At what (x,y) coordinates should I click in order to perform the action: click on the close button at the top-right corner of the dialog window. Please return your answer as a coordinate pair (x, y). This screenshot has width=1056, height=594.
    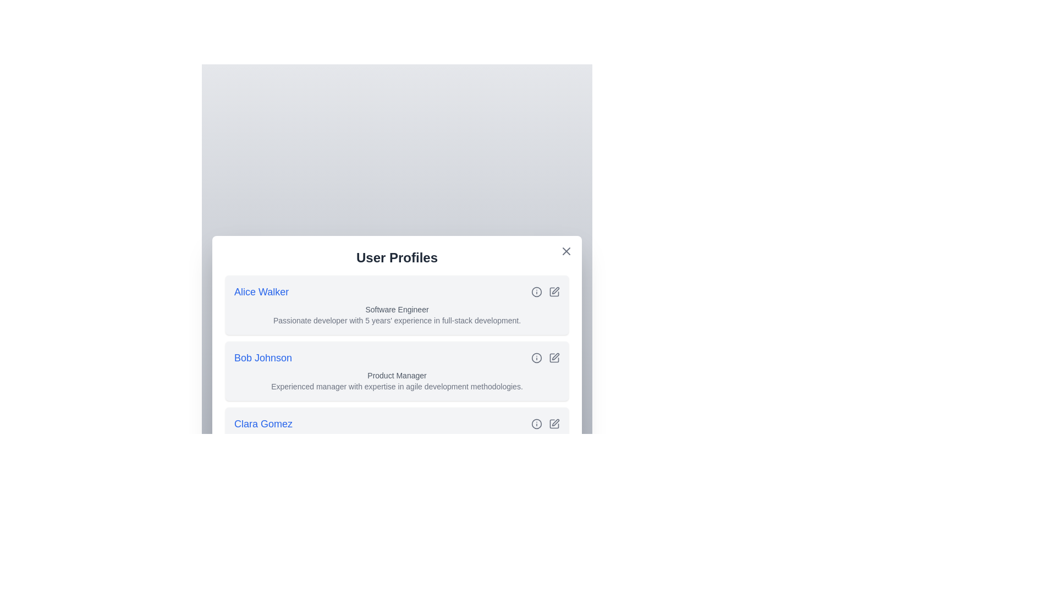
    Looking at the image, I should click on (566, 251).